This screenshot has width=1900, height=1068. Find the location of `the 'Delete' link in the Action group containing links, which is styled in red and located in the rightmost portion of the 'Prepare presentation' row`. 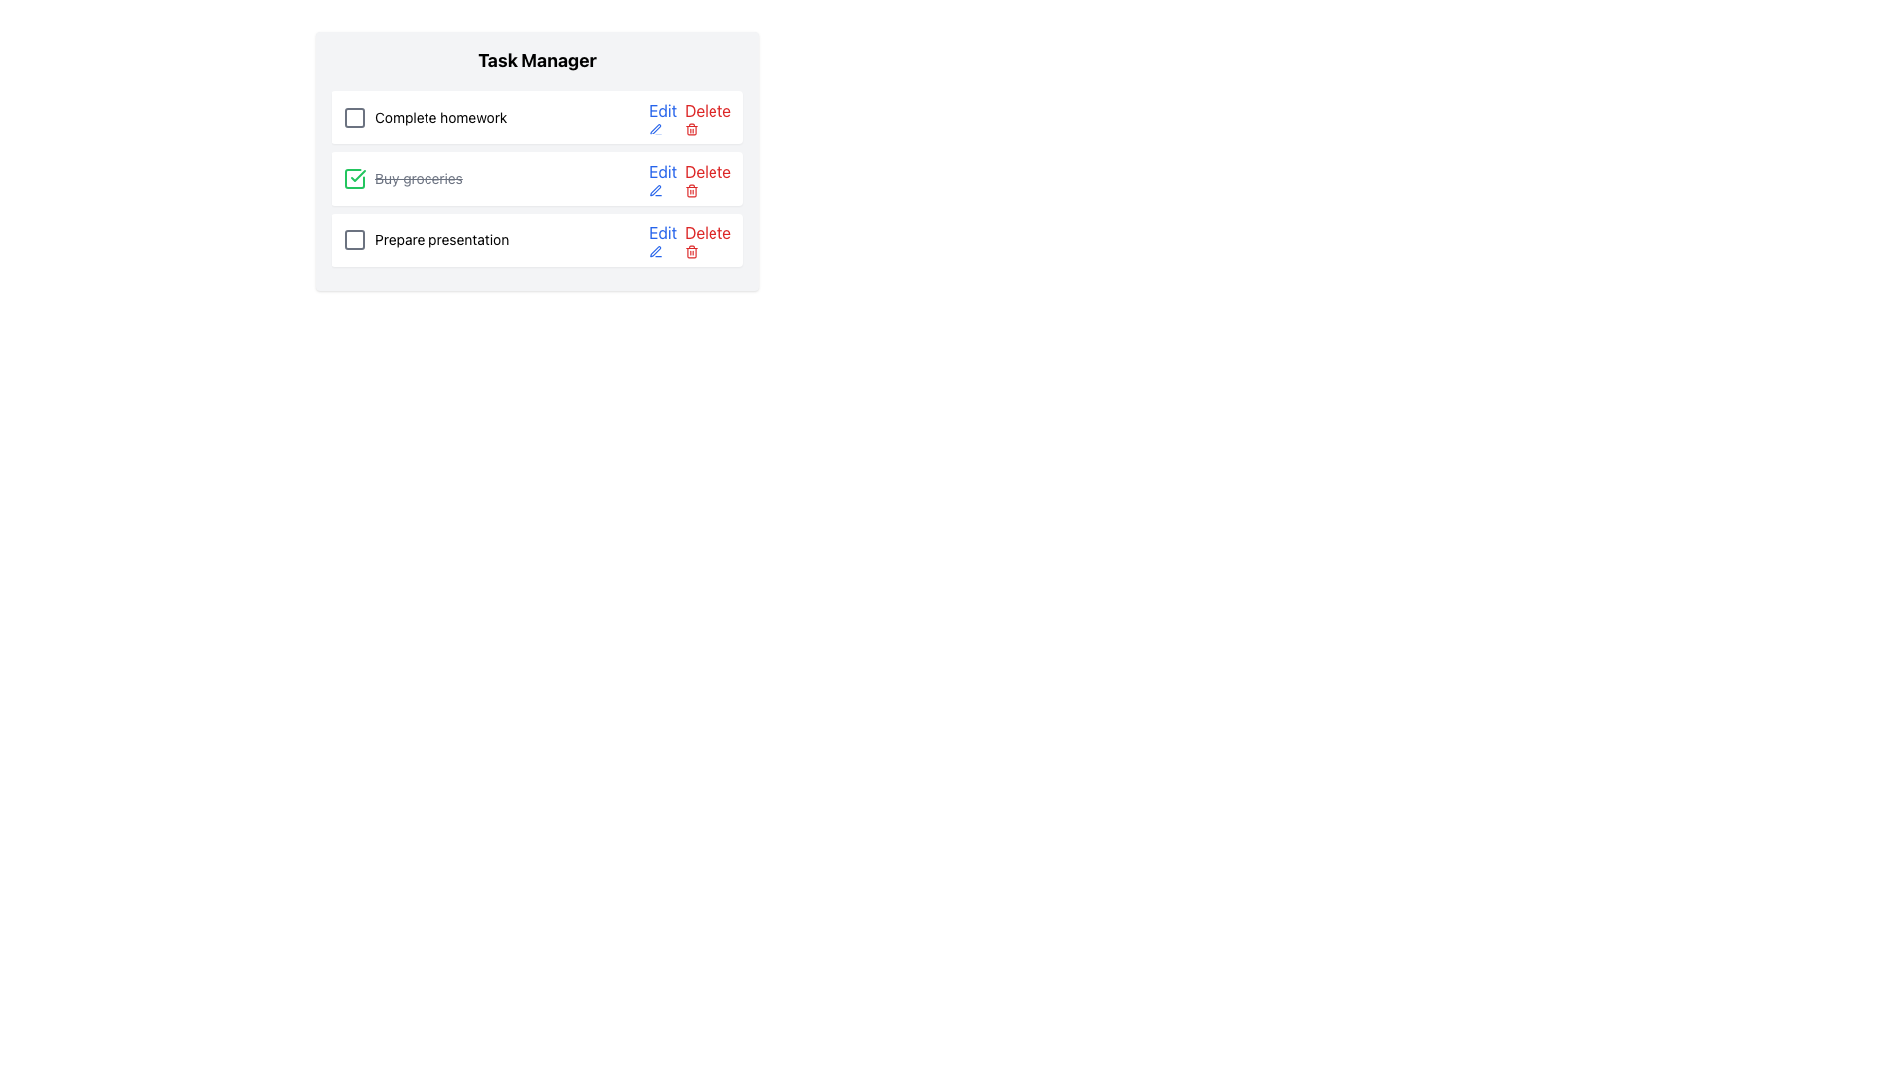

the 'Delete' link in the Action group containing links, which is styled in red and located in the rightmost portion of the 'Prepare presentation' row is located at coordinates (690, 239).